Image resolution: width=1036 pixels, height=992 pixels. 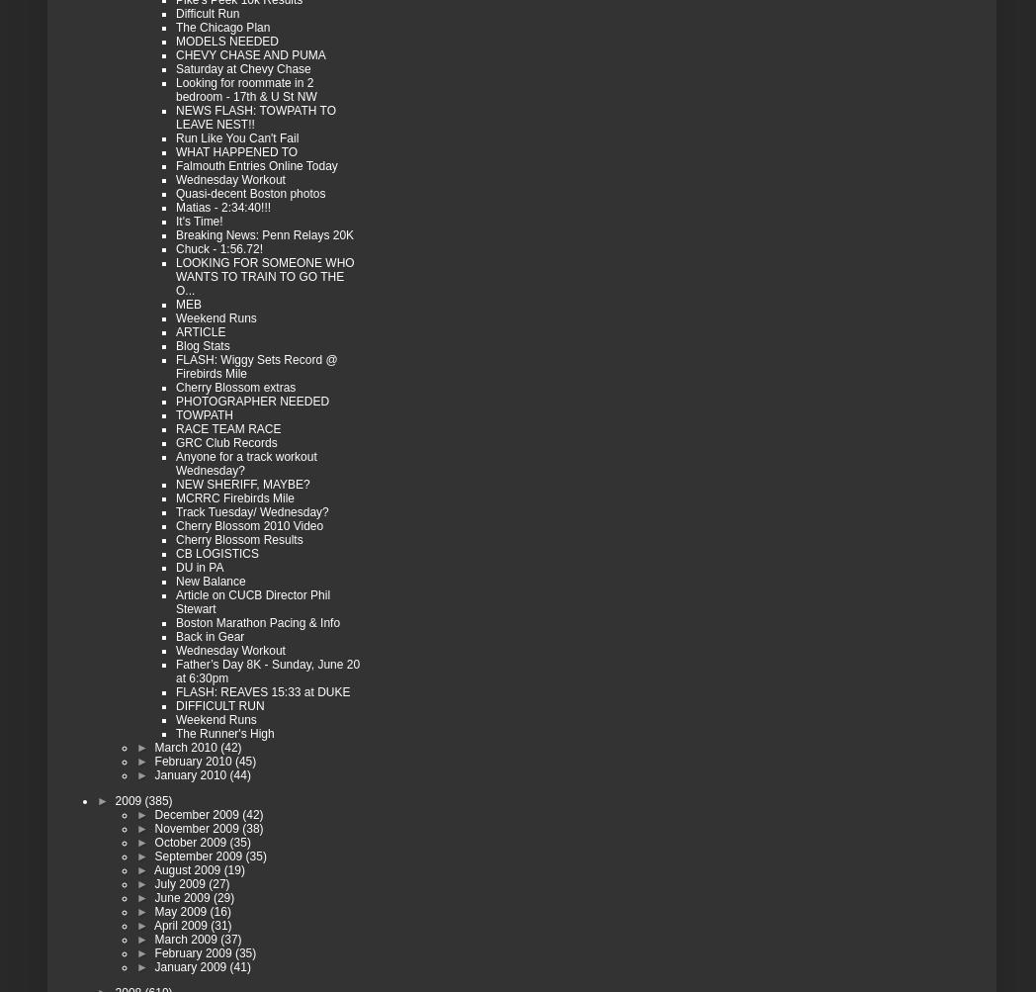 What do you see at coordinates (186, 745) in the screenshot?
I see `'March 2010'` at bounding box center [186, 745].